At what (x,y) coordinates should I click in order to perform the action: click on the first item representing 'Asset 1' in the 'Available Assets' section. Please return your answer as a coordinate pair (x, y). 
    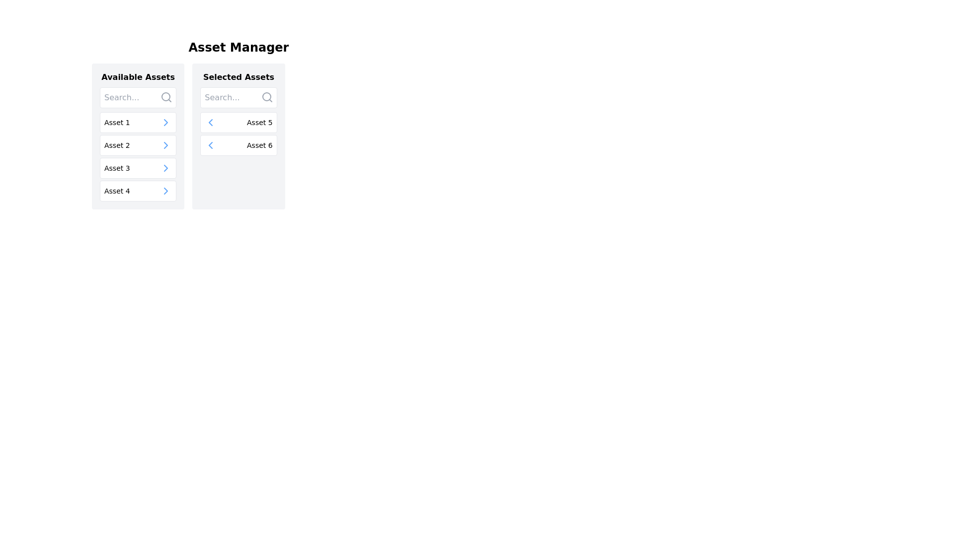
    Looking at the image, I should click on (138, 122).